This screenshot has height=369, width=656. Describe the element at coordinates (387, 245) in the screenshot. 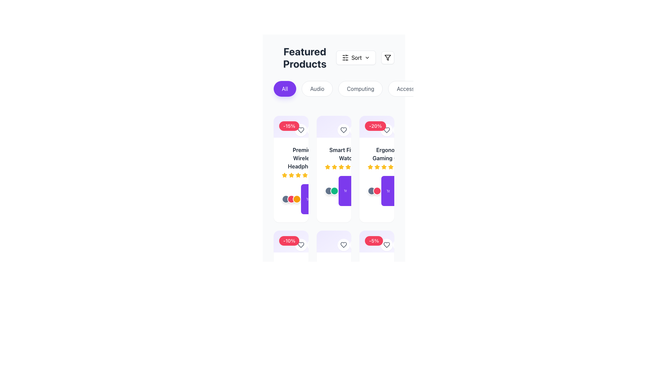

I see `the 'favorite' icon located in the top-right corner of the product card` at that location.